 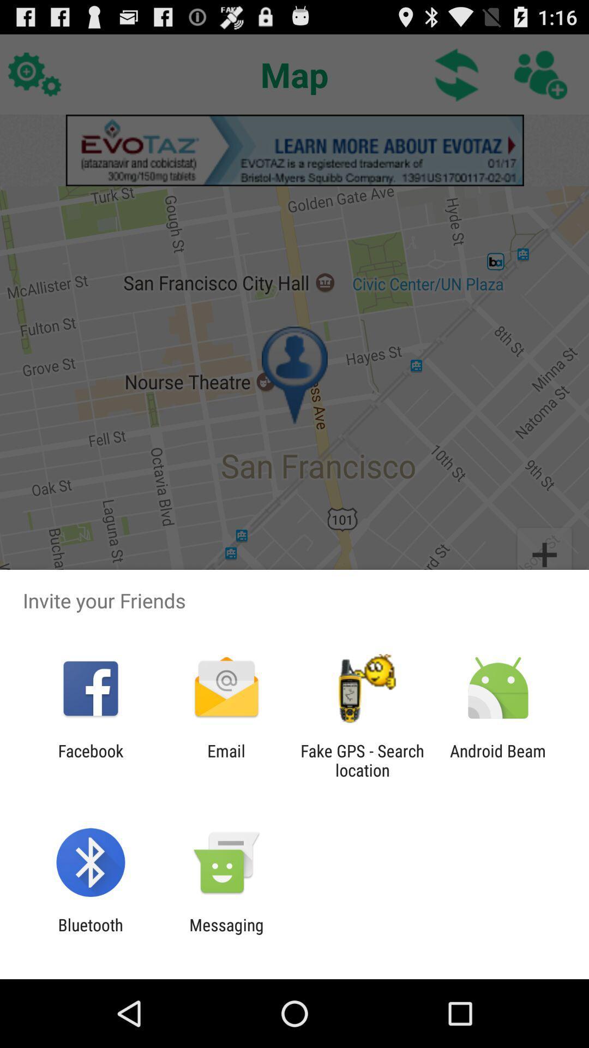 I want to click on the item next to the email item, so click(x=90, y=760).